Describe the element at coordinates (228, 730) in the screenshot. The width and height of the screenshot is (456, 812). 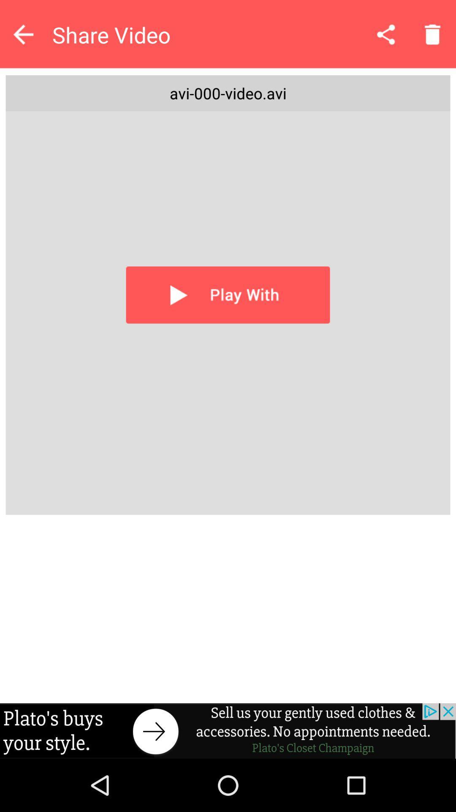
I see `advertisement banner` at that location.